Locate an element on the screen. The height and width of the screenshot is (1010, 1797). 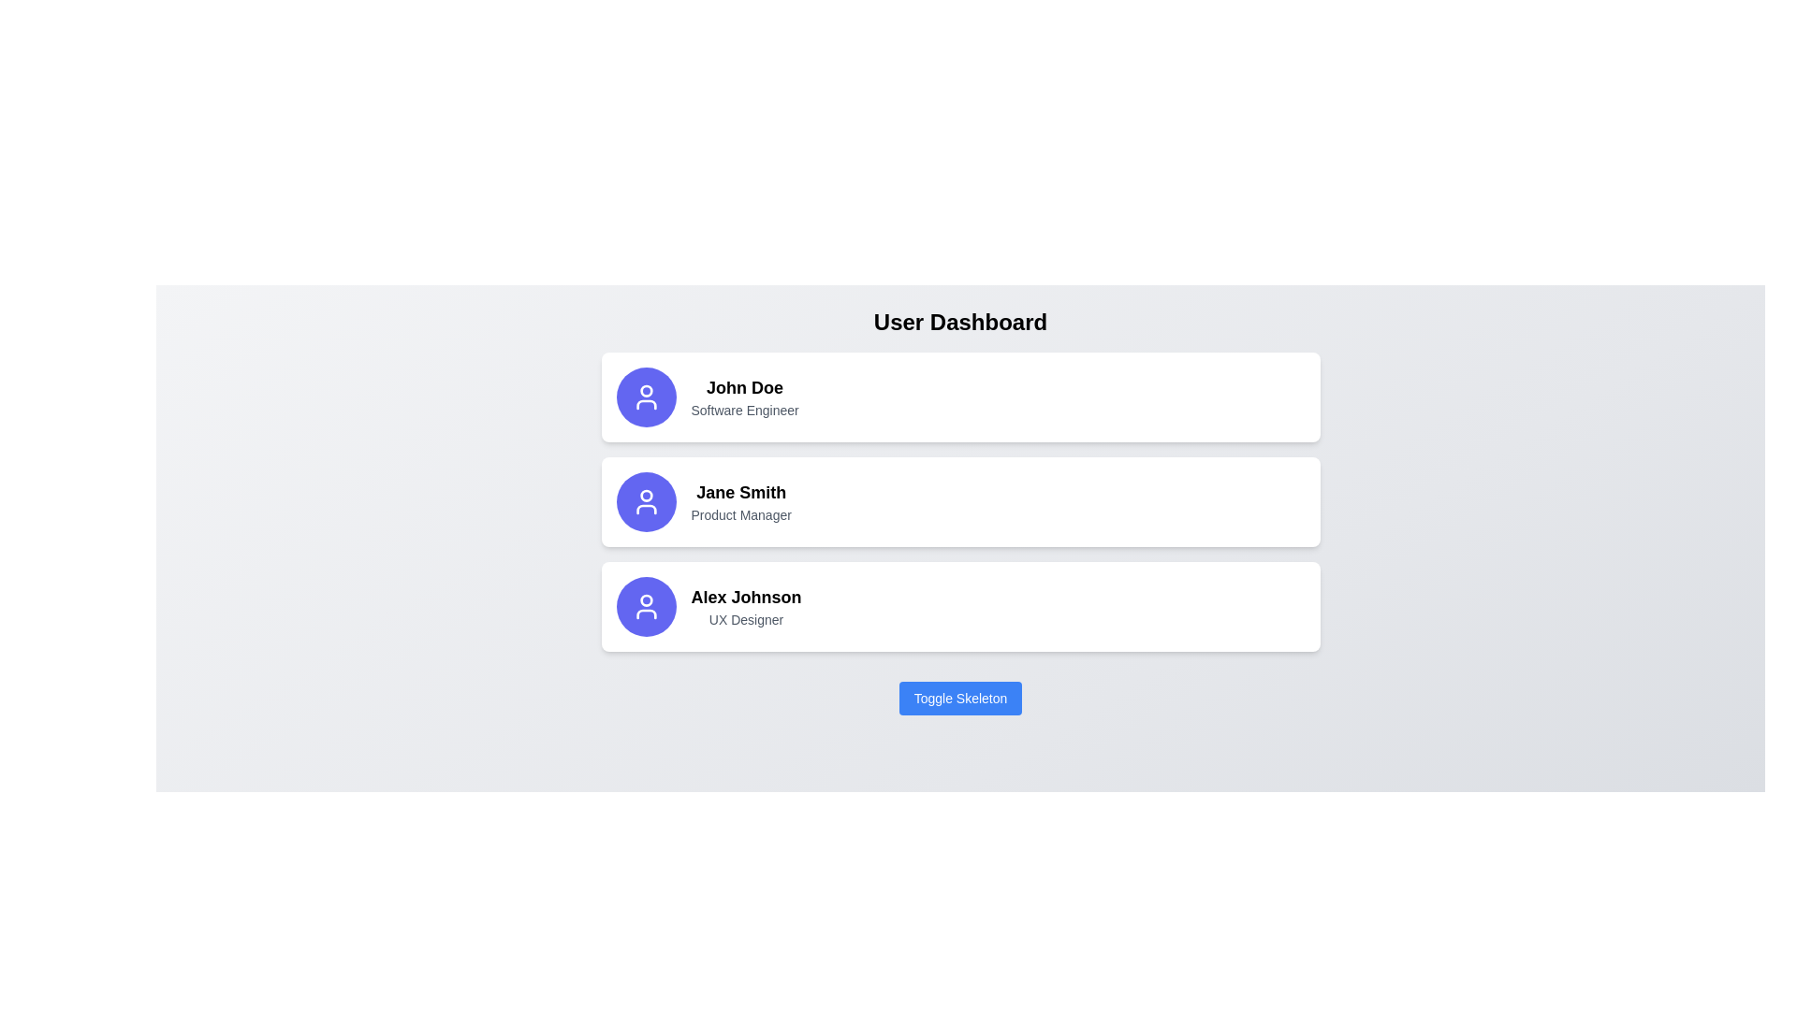
the user profile card displaying user information, positioned as the third card in a vertical list, for further actions is located at coordinates (960, 606).